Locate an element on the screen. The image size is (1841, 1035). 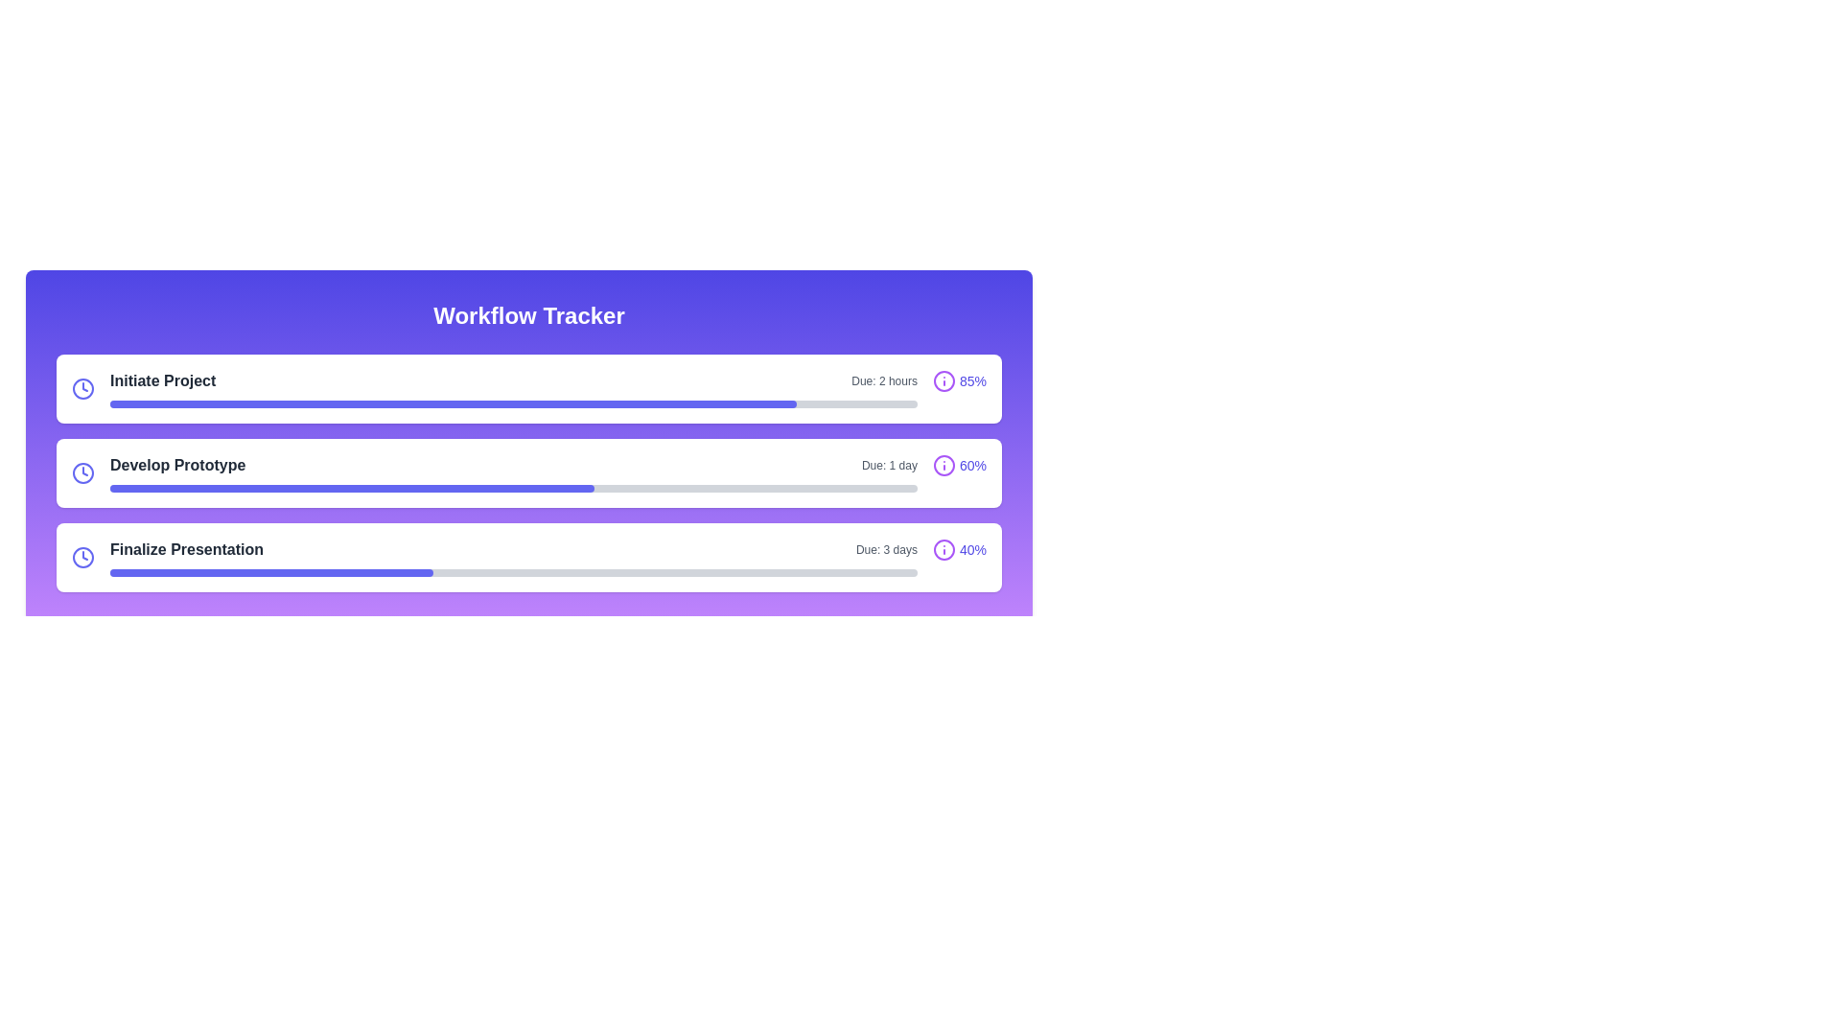
the clock icon indicating the time-related aspect of the task 'Finalize Presentation', located in the bottom-most row of the workflow tracker layout, adjacent to the task title is located at coordinates (82, 558).